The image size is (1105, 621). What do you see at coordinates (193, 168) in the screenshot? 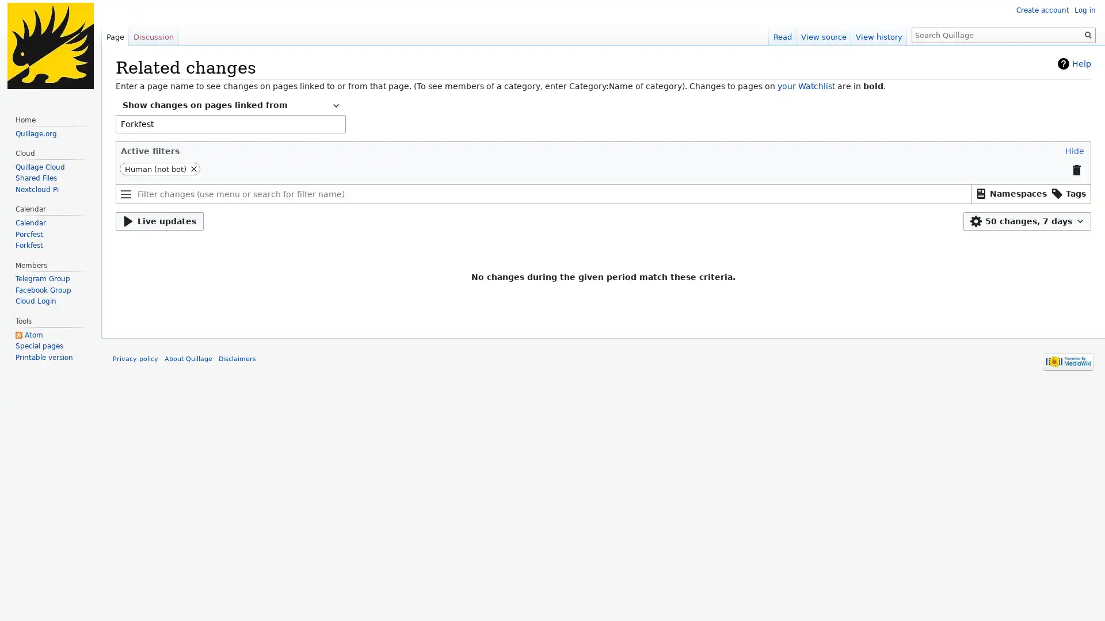
I see `Remove 'Human (not bot)'` at bounding box center [193, 168].